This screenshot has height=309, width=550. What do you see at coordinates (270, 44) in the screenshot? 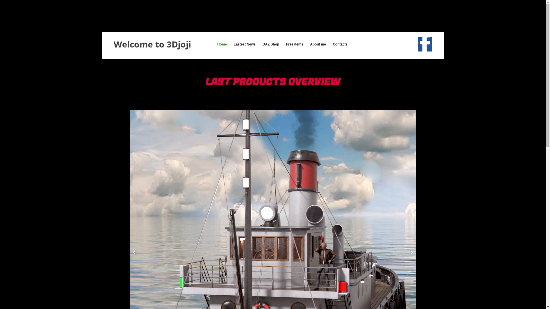
I see `'DAZ Shop'` at bounding box center [270, 44].